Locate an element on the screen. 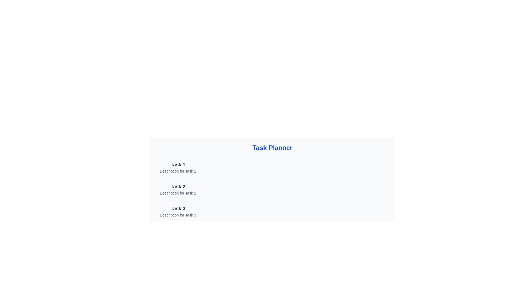 The width and height of the screenshot is (520, 293). header text 'Task Planner' which is prominently styled in a large, bold blue font and located at the top of the content panel is located at coordinates (272, 148).